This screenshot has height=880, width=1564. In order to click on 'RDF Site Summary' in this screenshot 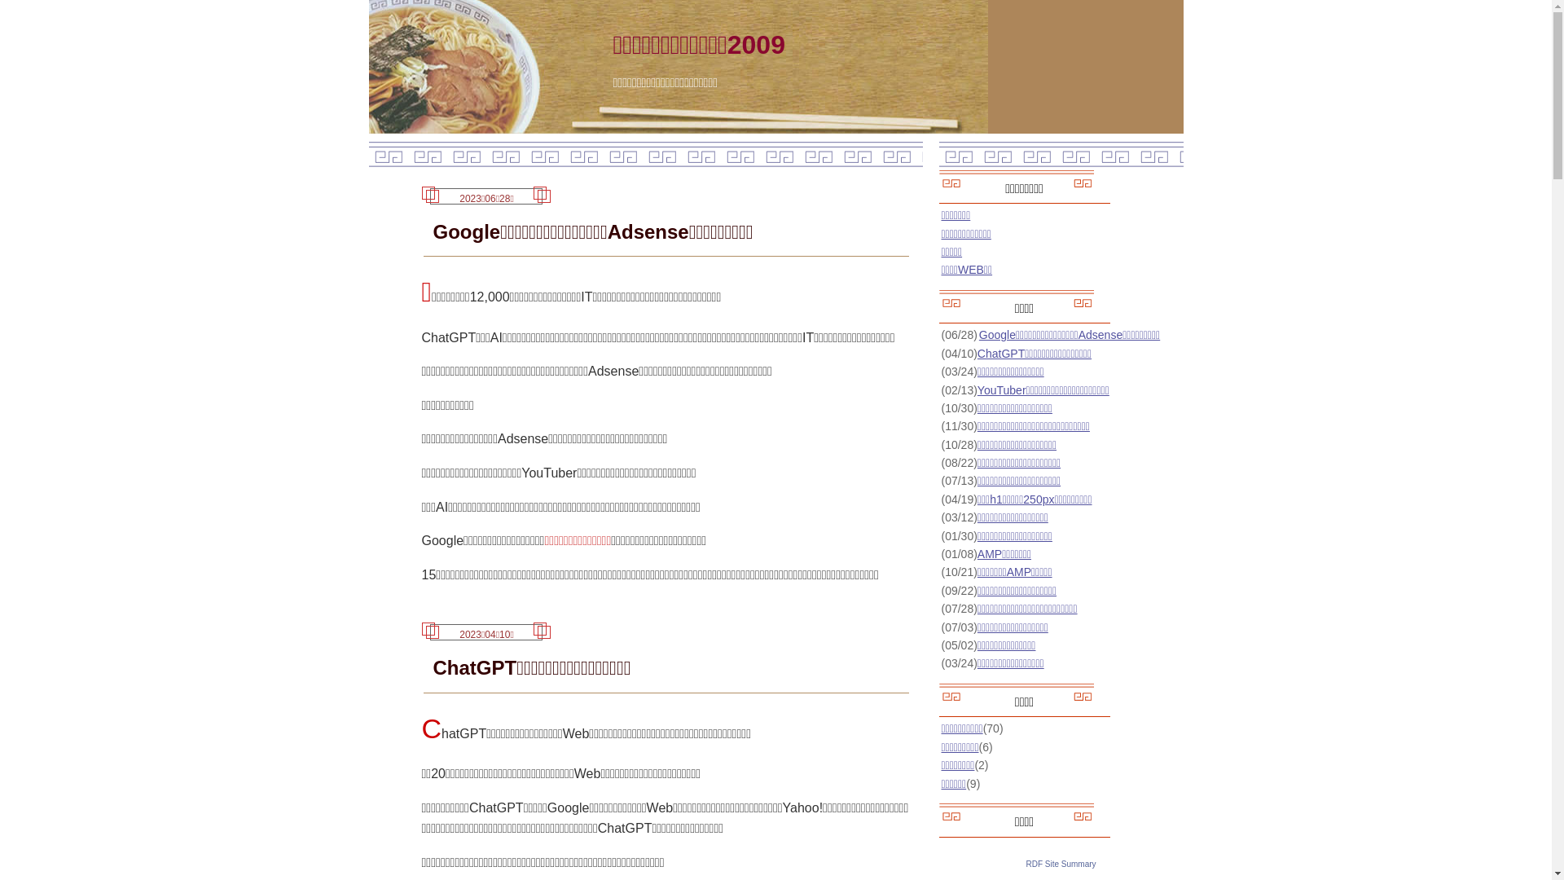, I will do `click(1060, 862)`.